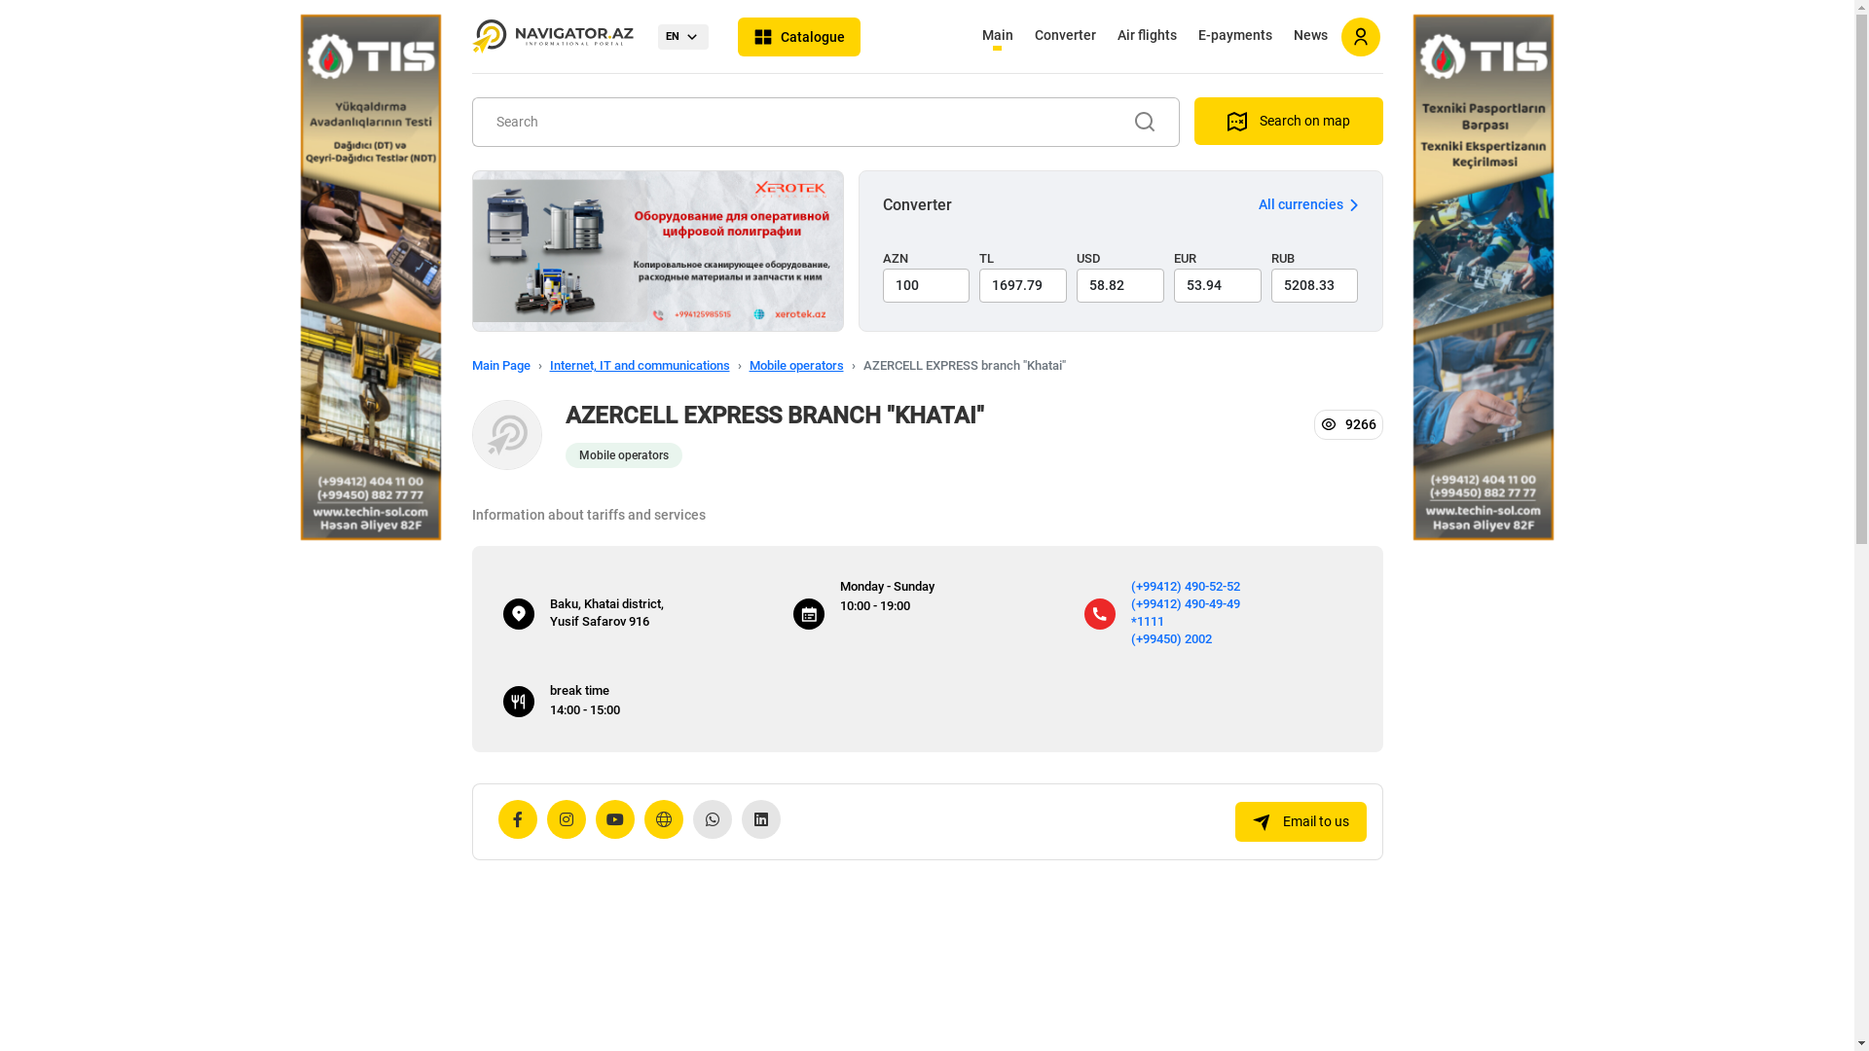  I want to click on 'E-payments', so click(1189, 37).